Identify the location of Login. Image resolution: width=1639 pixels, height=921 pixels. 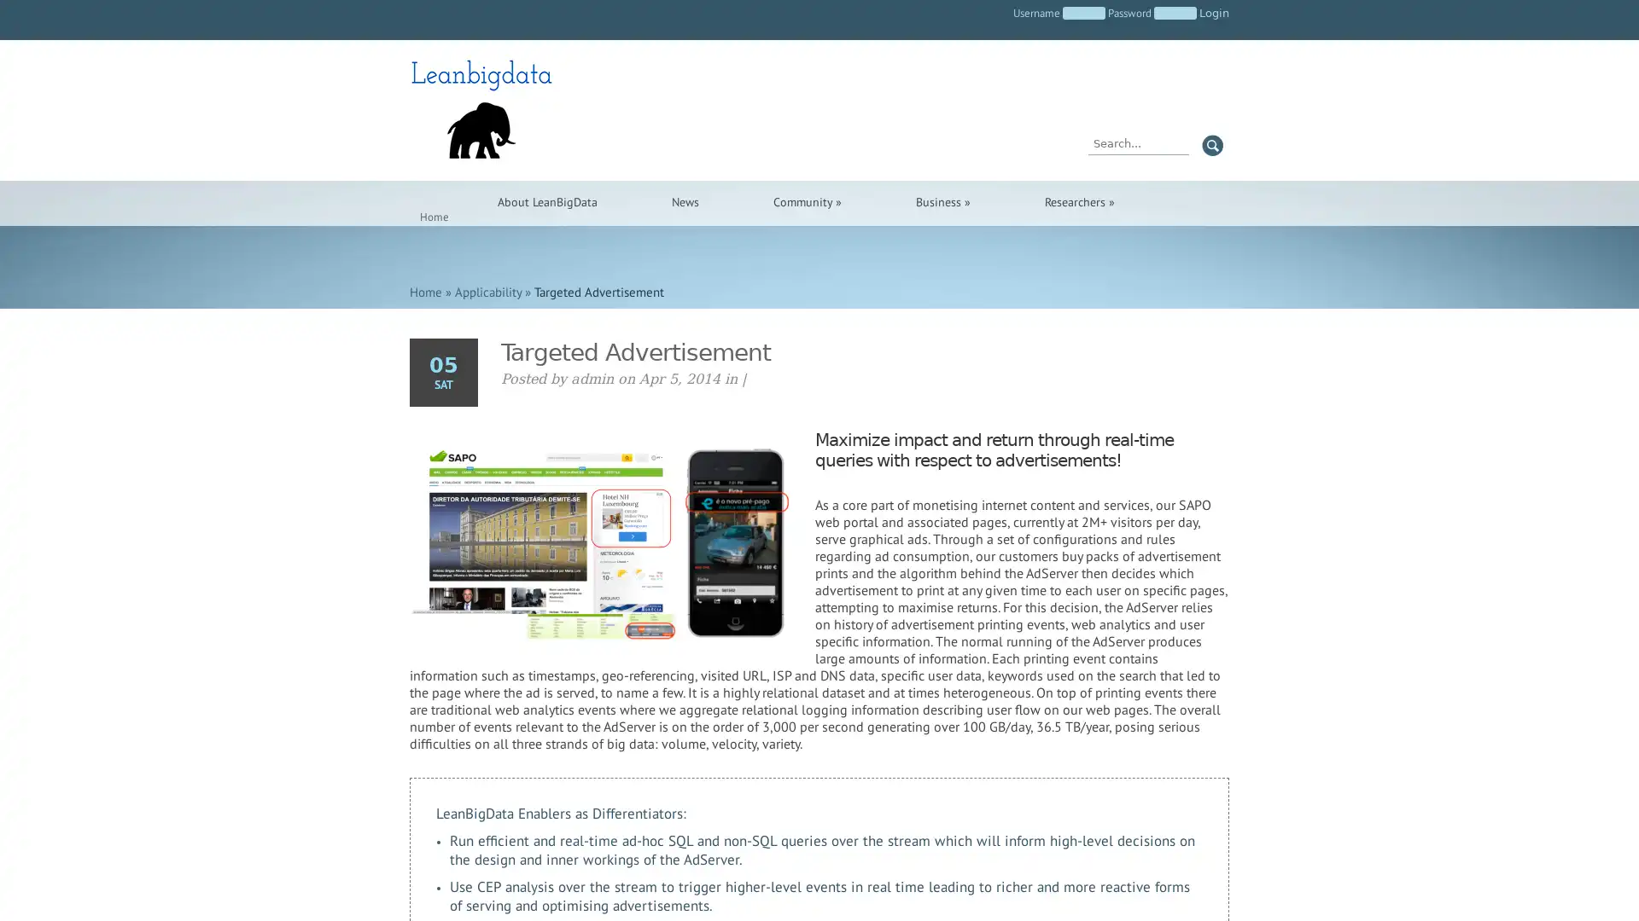
(1213, 13).